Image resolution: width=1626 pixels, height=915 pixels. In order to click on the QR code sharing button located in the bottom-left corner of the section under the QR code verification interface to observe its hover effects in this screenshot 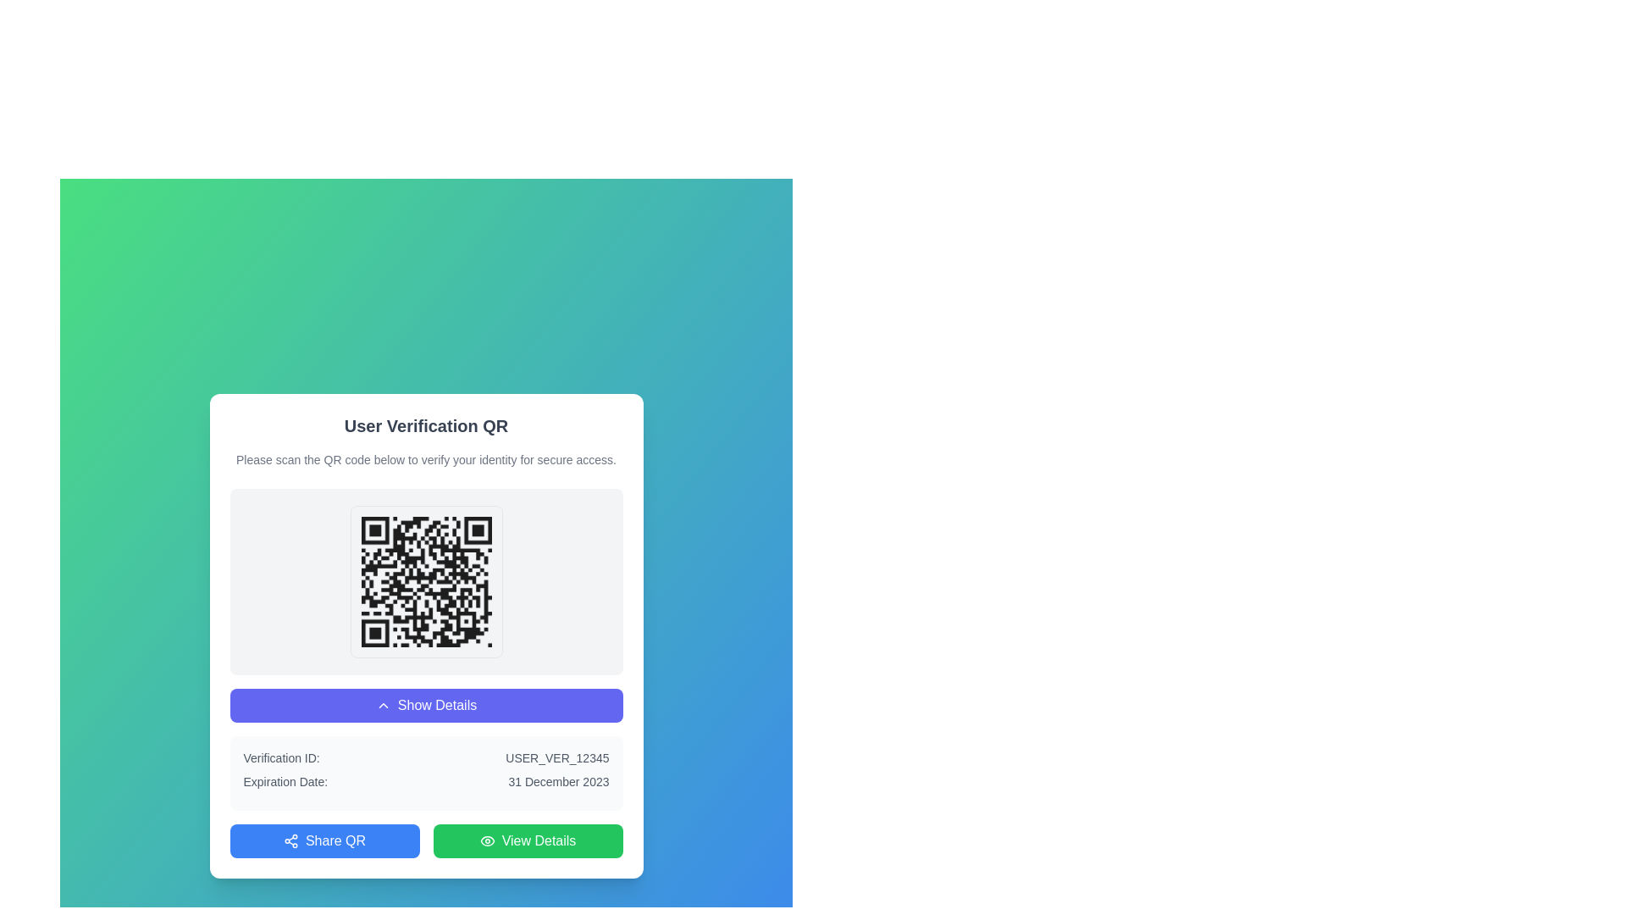, I will do `click(324, 840)`.